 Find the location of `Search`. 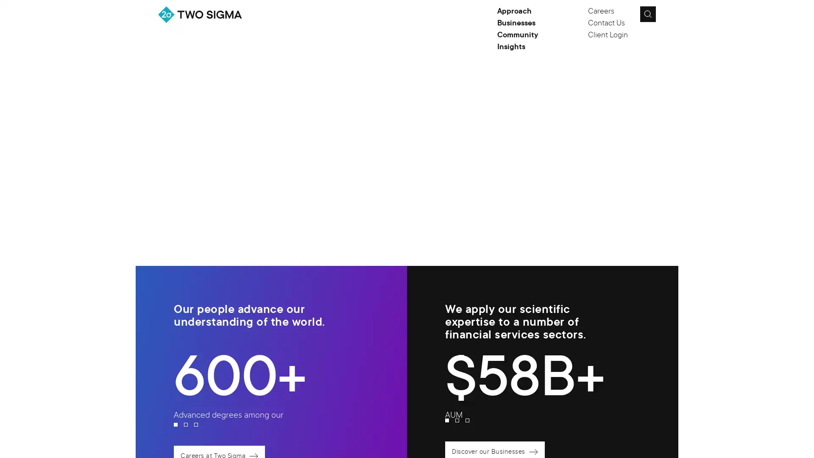

Search is located at coordinates (667, 17).